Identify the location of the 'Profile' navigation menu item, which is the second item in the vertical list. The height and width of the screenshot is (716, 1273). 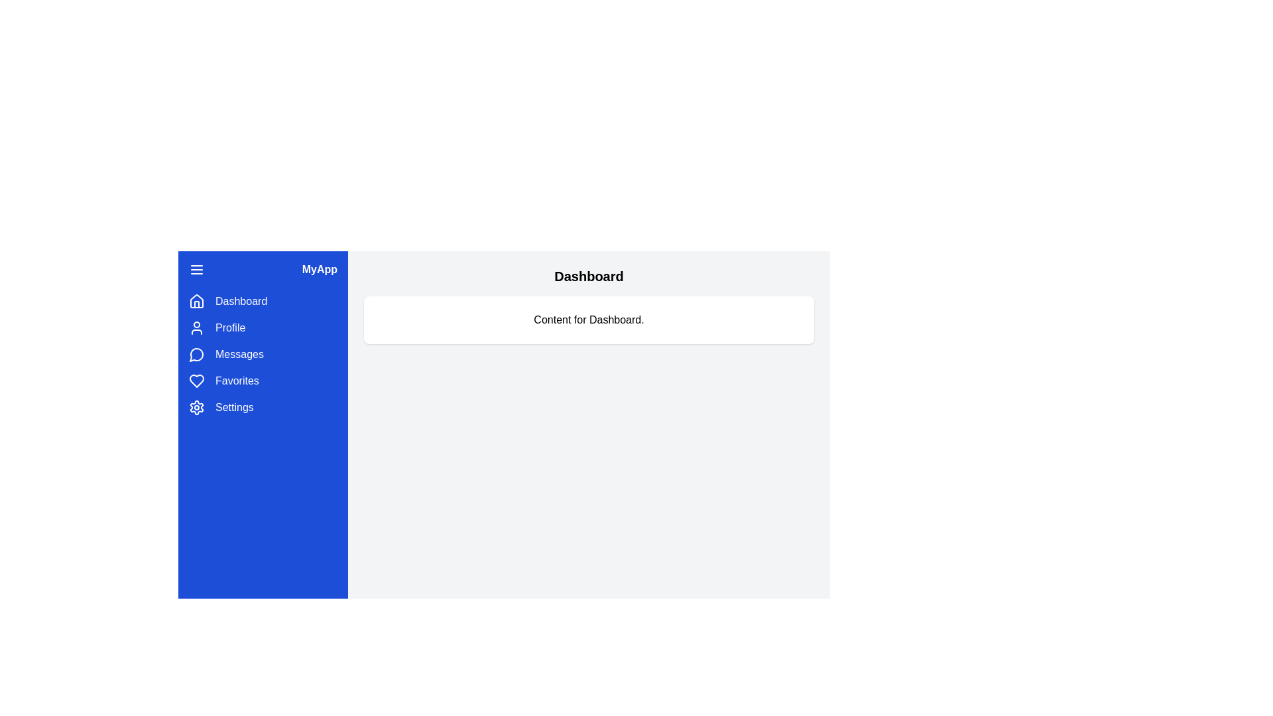
(263, 328).